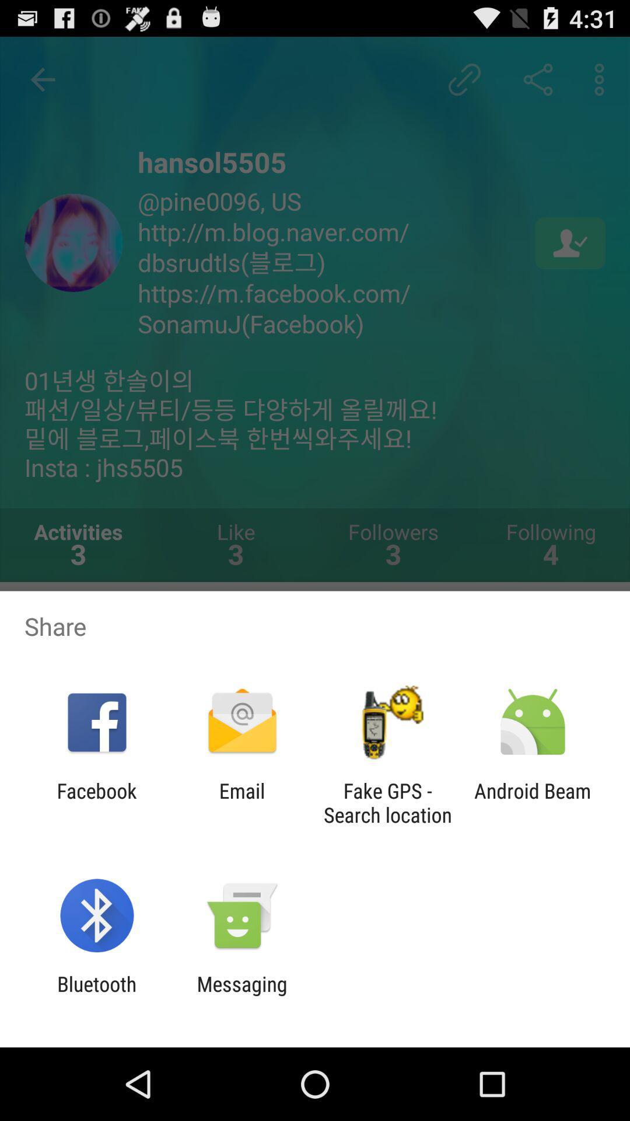  I want to click on app to the right of facebook, so click(242, 802).